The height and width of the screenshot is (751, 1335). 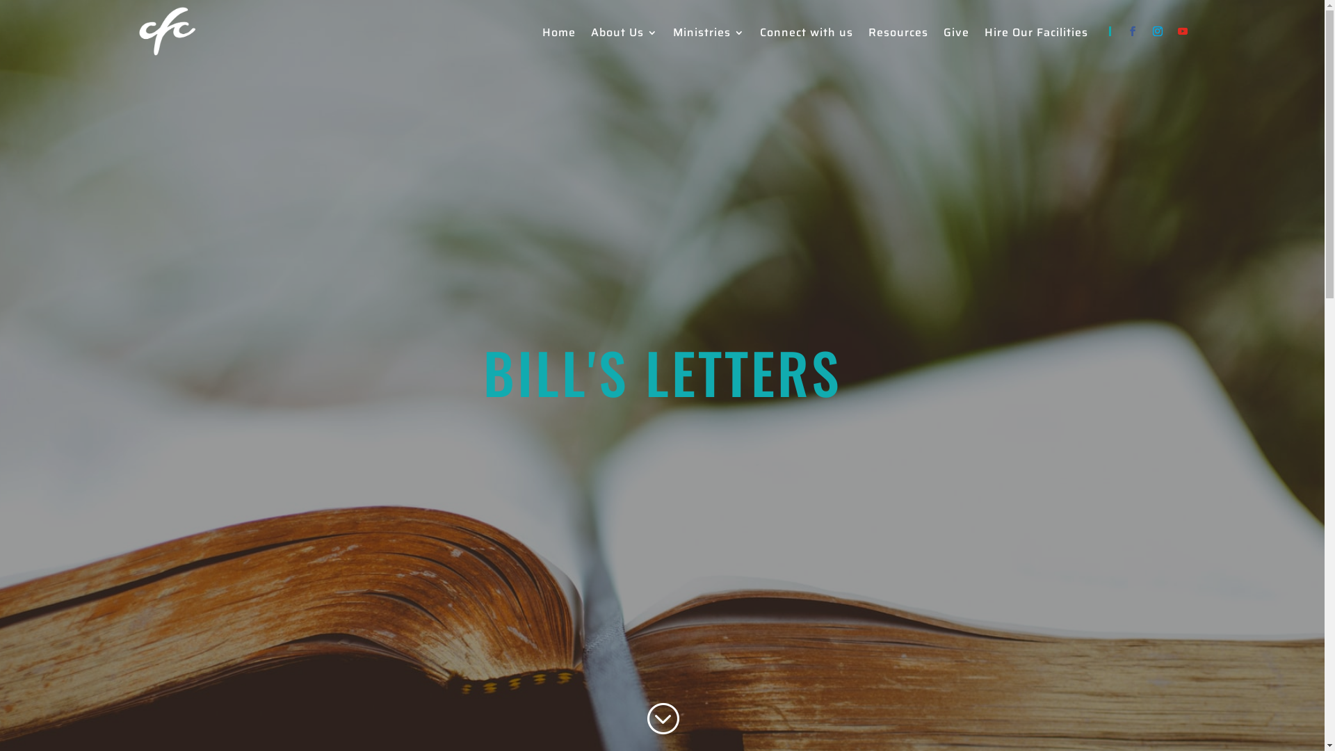 I want to click on 'Give', so click(x=955, y=34).